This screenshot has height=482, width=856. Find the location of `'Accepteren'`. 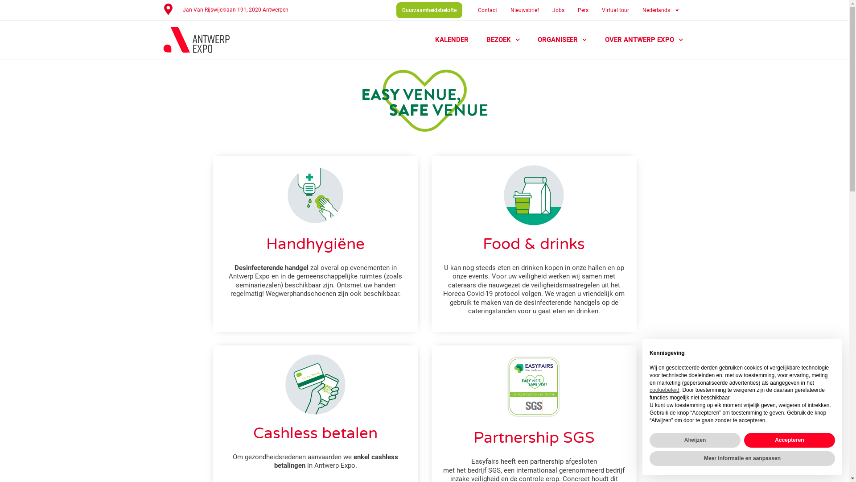

'Accepteren' is located at coordinates (790, 440).